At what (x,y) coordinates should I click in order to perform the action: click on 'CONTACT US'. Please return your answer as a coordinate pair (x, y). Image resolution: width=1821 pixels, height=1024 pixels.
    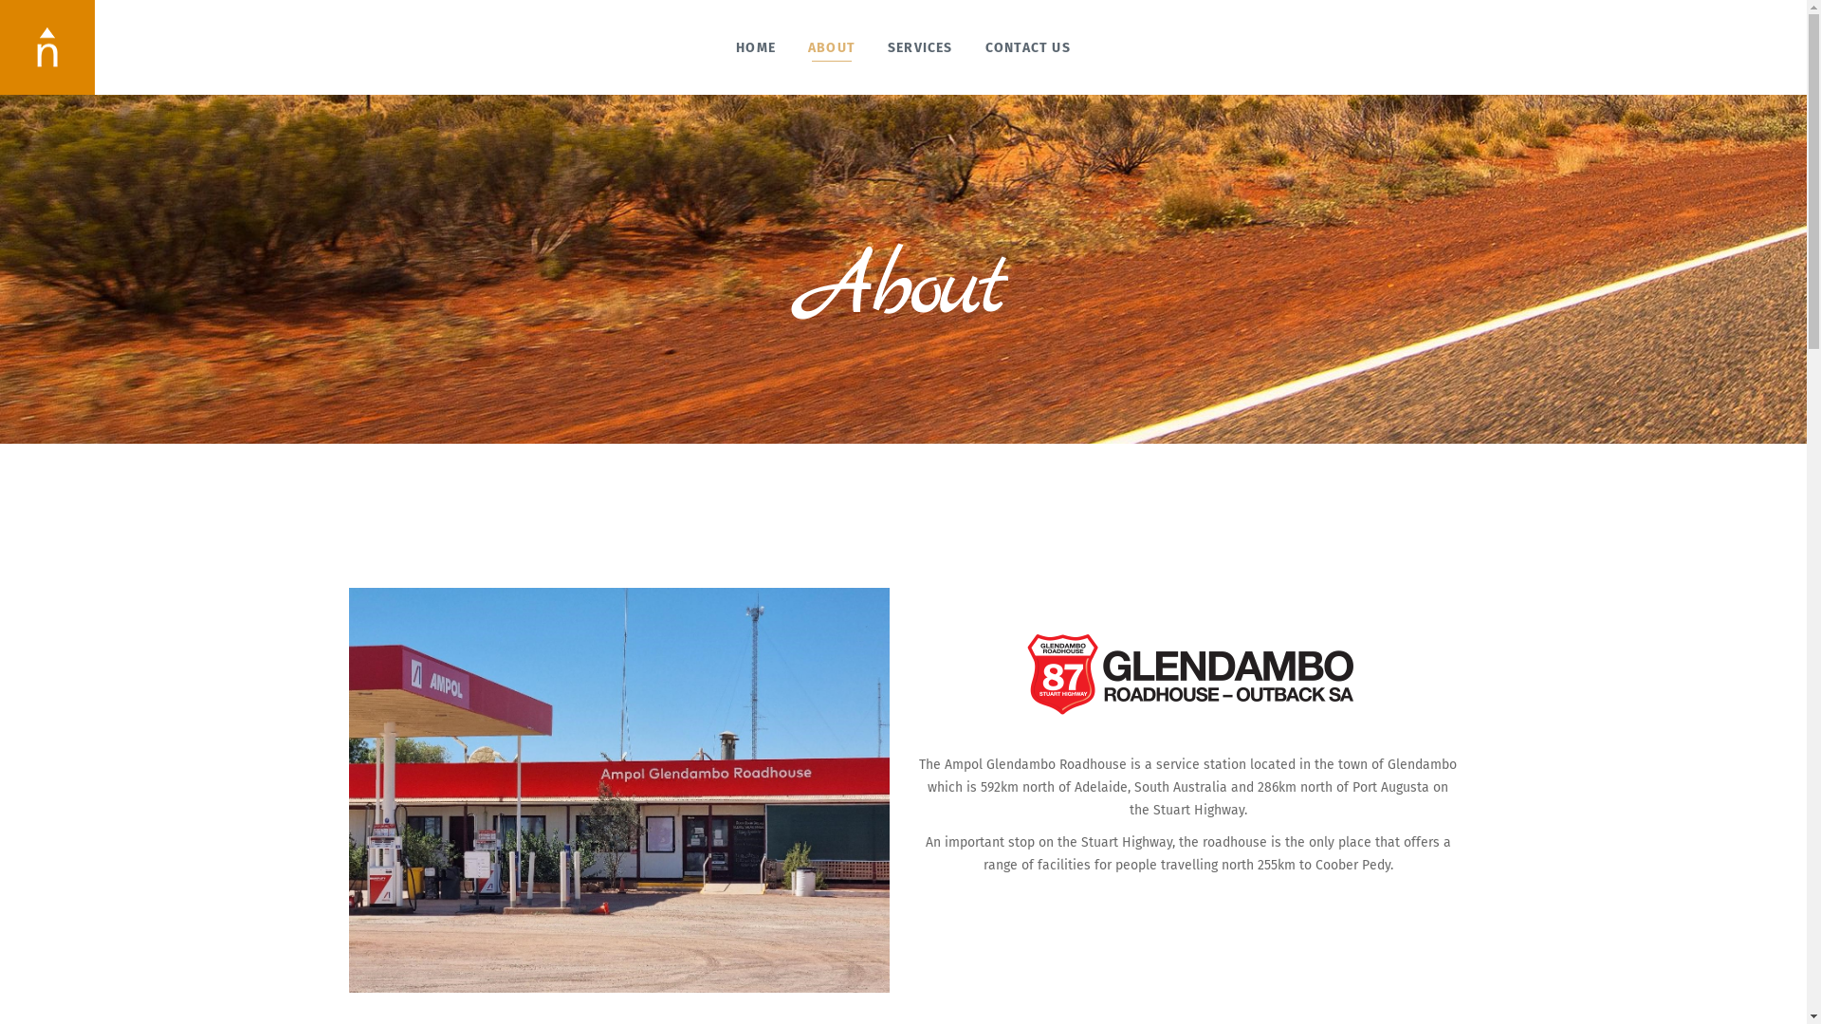
    Looking at the image, I should click on (1027, 46).